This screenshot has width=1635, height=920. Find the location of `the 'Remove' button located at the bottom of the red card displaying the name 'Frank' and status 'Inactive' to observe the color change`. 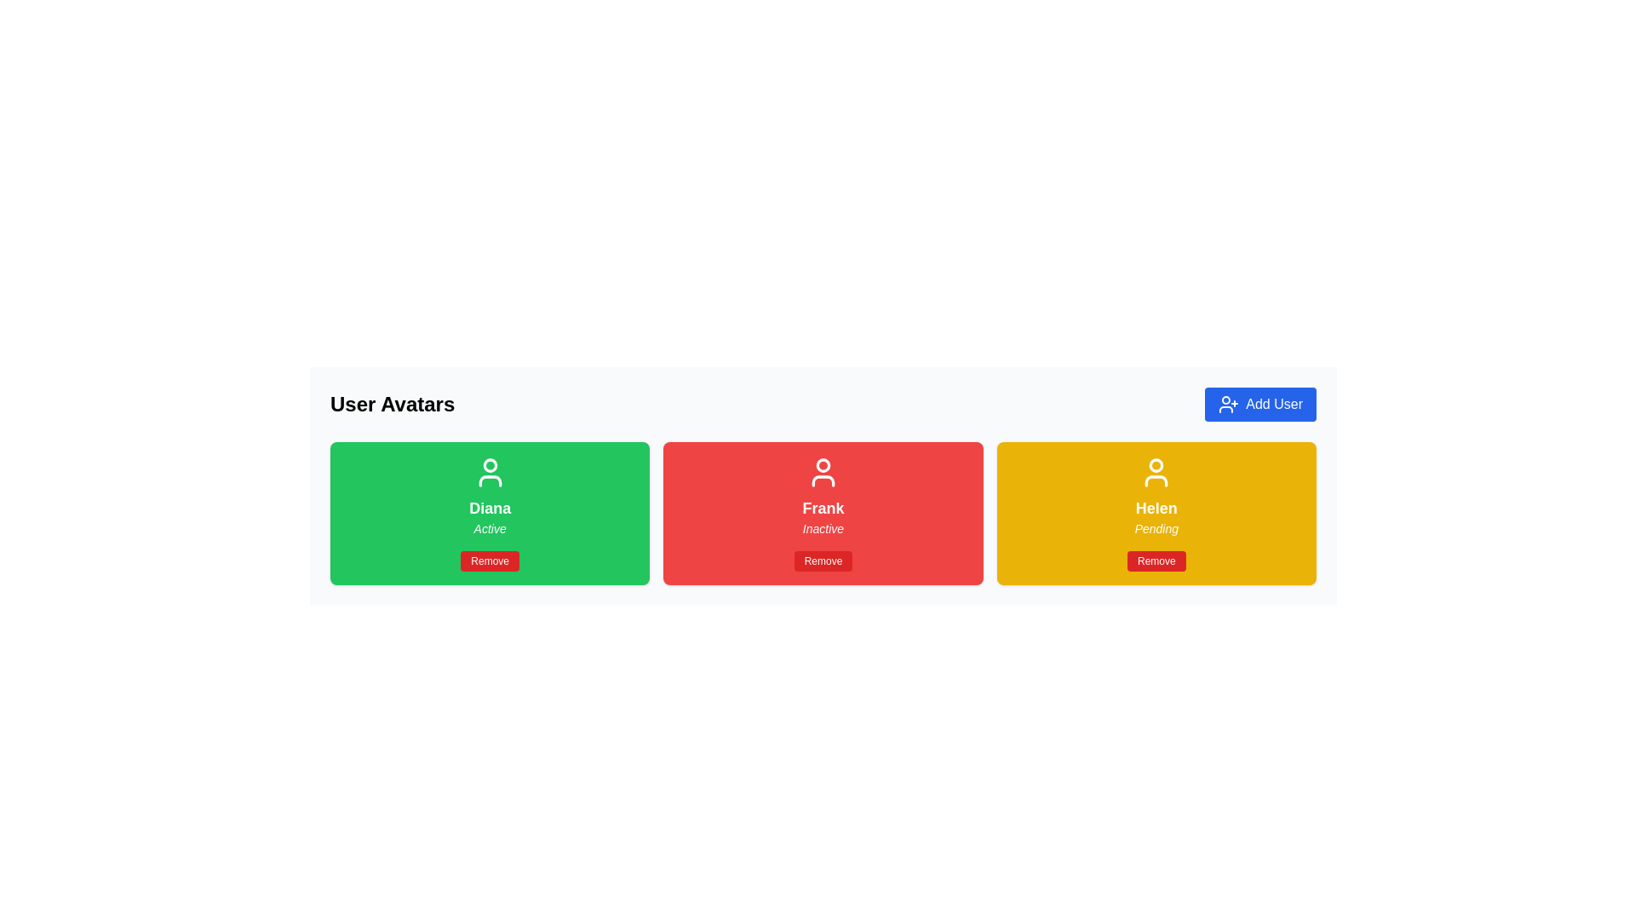

the 'Remove' button located at the bottom of the red card displaying the name 'Frank' and status 'Inactive' to observe the color change is located at coordinates (823, 561).